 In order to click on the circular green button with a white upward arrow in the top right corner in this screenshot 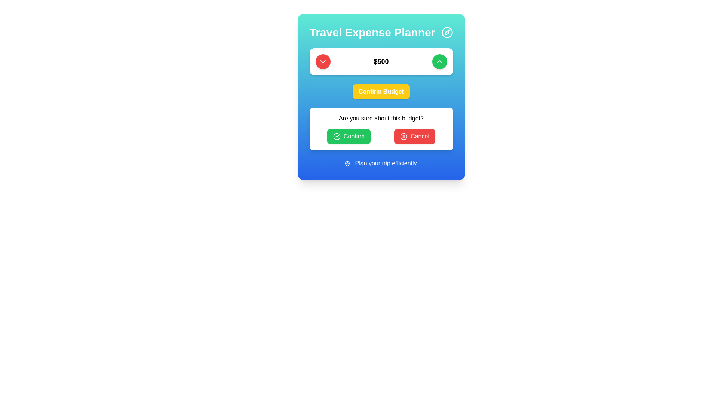, I will do `click(439, 61)`.